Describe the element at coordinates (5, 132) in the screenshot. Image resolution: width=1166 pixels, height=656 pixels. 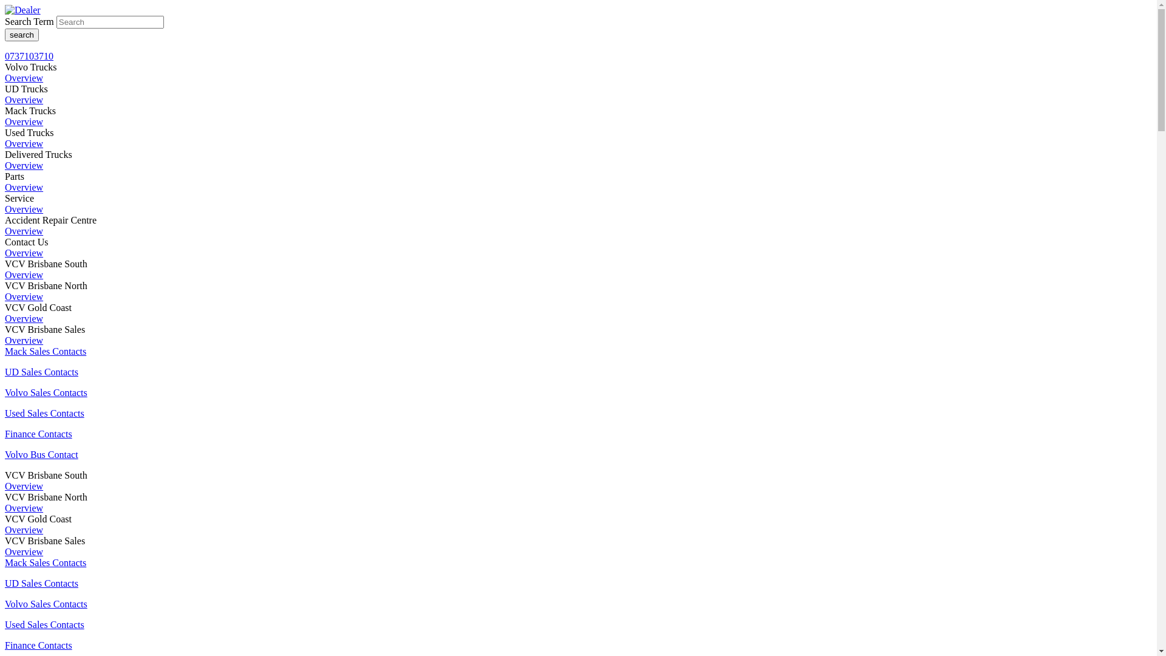
I see `'Used Trucks'` at that location.